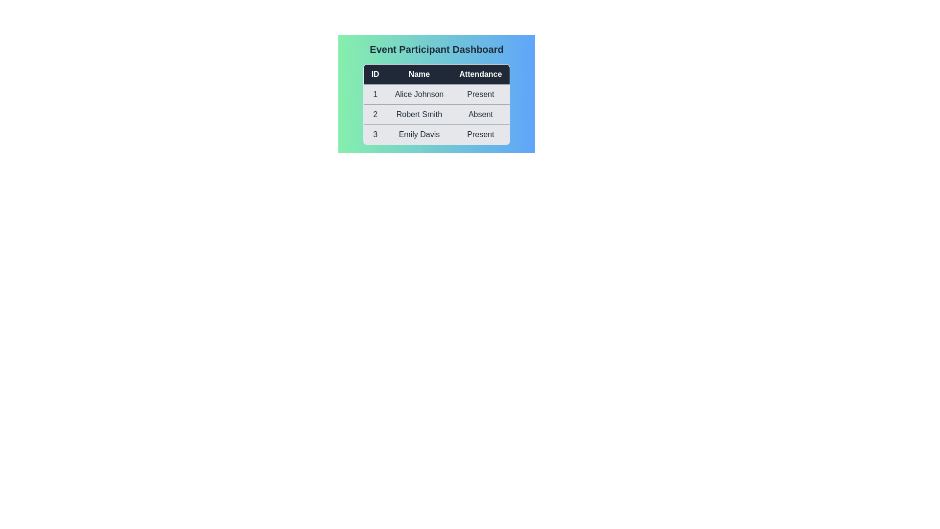  I want to click on the individual participants' names in the Event Participant Dashboard, which features a bolded title and a structured table with participant data, so click(436, 94).